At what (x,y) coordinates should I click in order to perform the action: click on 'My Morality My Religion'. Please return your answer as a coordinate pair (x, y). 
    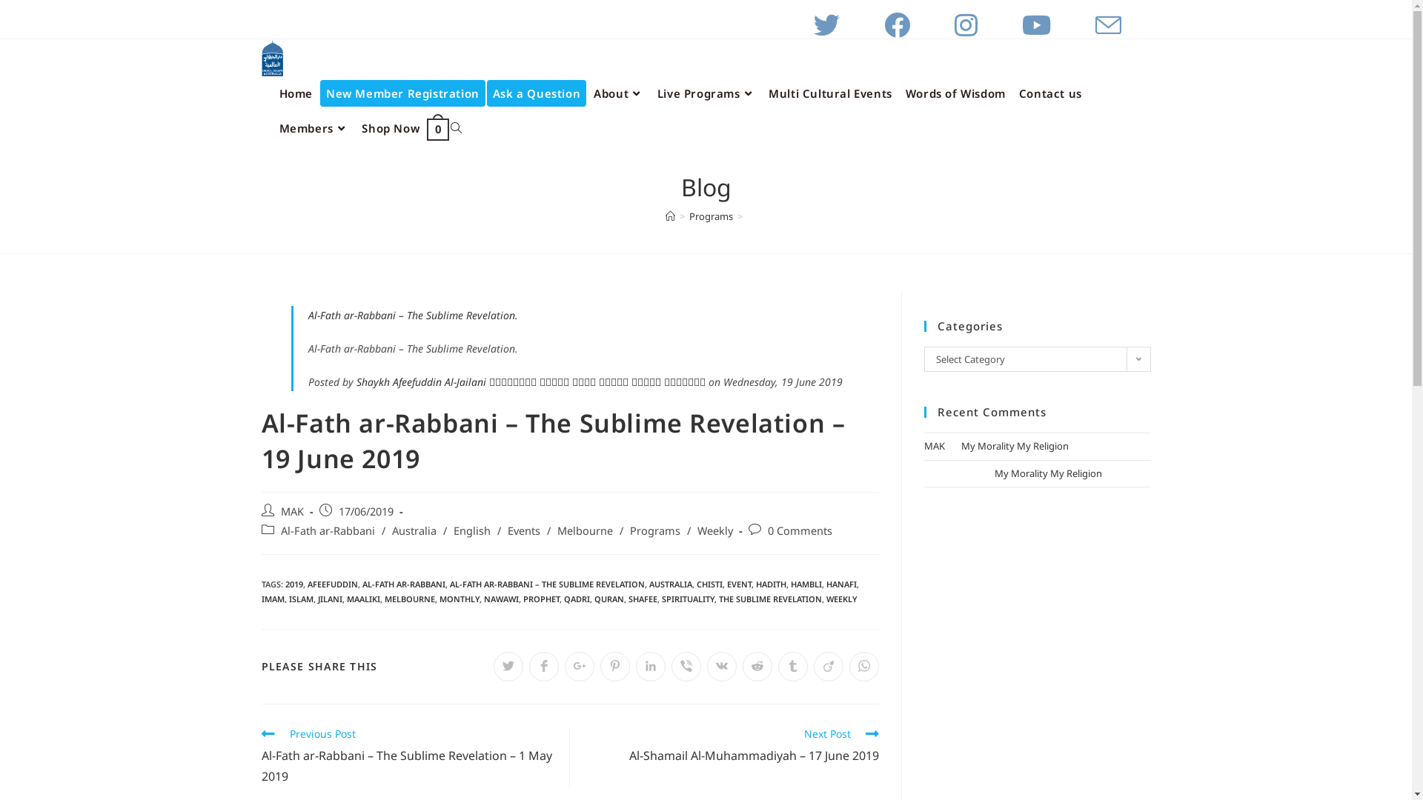
    Looking at the image, I should click on (995, 473).